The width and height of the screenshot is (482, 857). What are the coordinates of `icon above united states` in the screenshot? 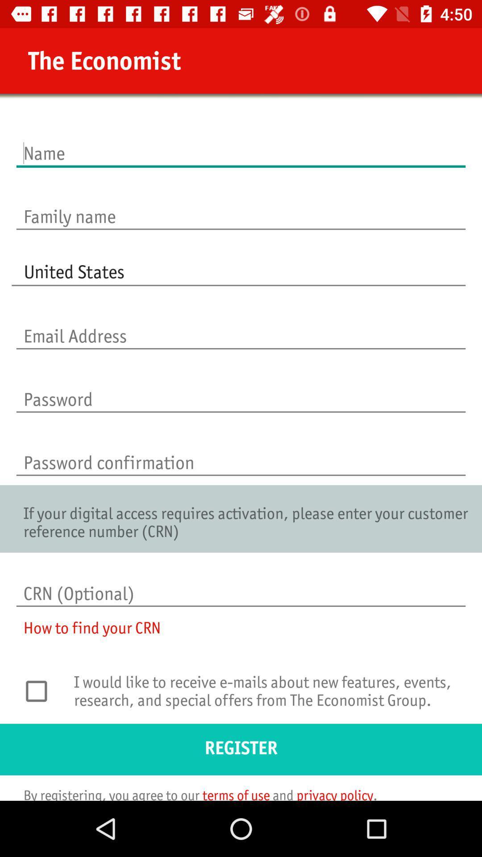 It's located at (241, 207).